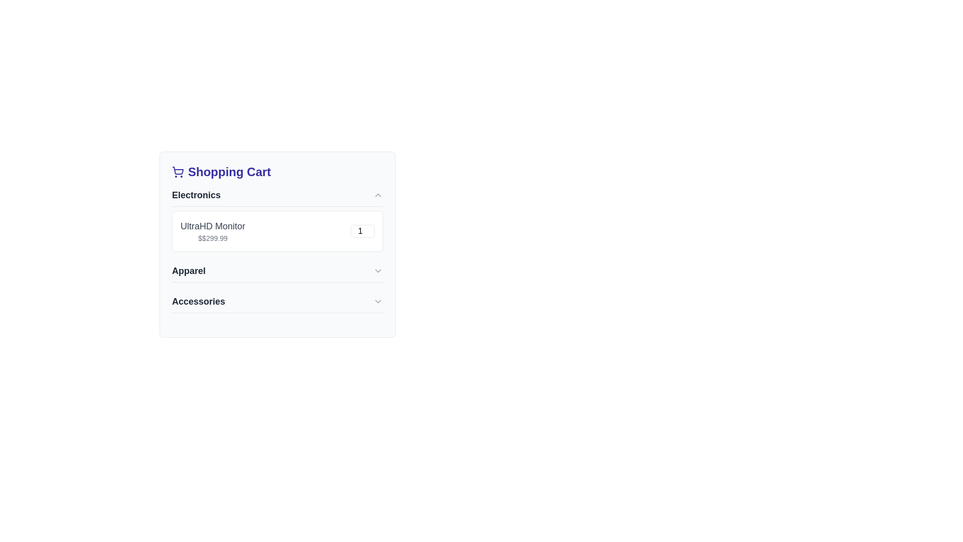 Image resolution: width=963 pixels, height=542 pixels. What do you see at coordinates (178, 170) in the screenshot?
I see `the main body of the shopping cart icon located at the top-left corner of the interface, near the text 'Shopping Cart'` at bounding box center [178, 170].